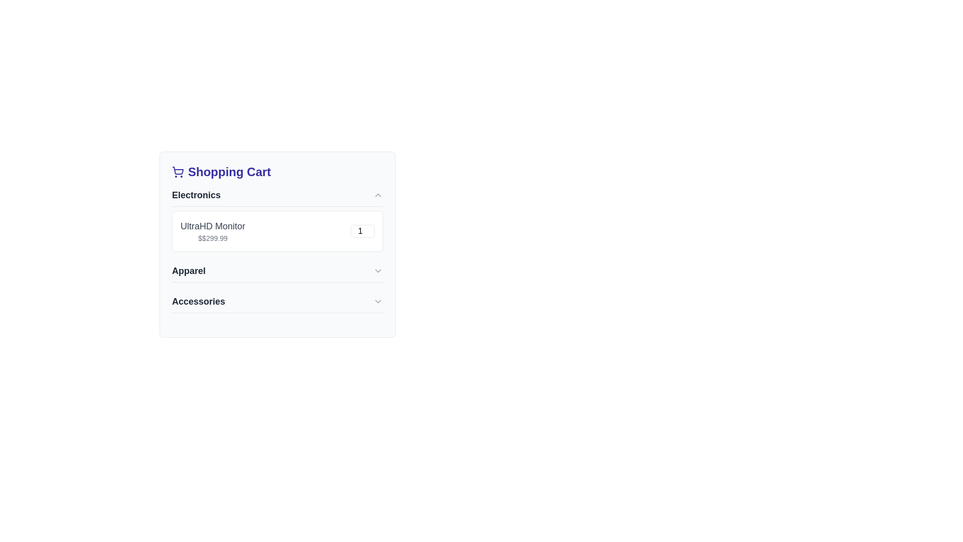 Image resolution: width=963 pixels, height=542 pixels. What do you see at coordinates (178, 170) in the screenshot?
I see `the main body of the shopping cart icon located at the top-left corner of the interface, near the text 'Shopping Cart'` at bounding box center [178, 170].